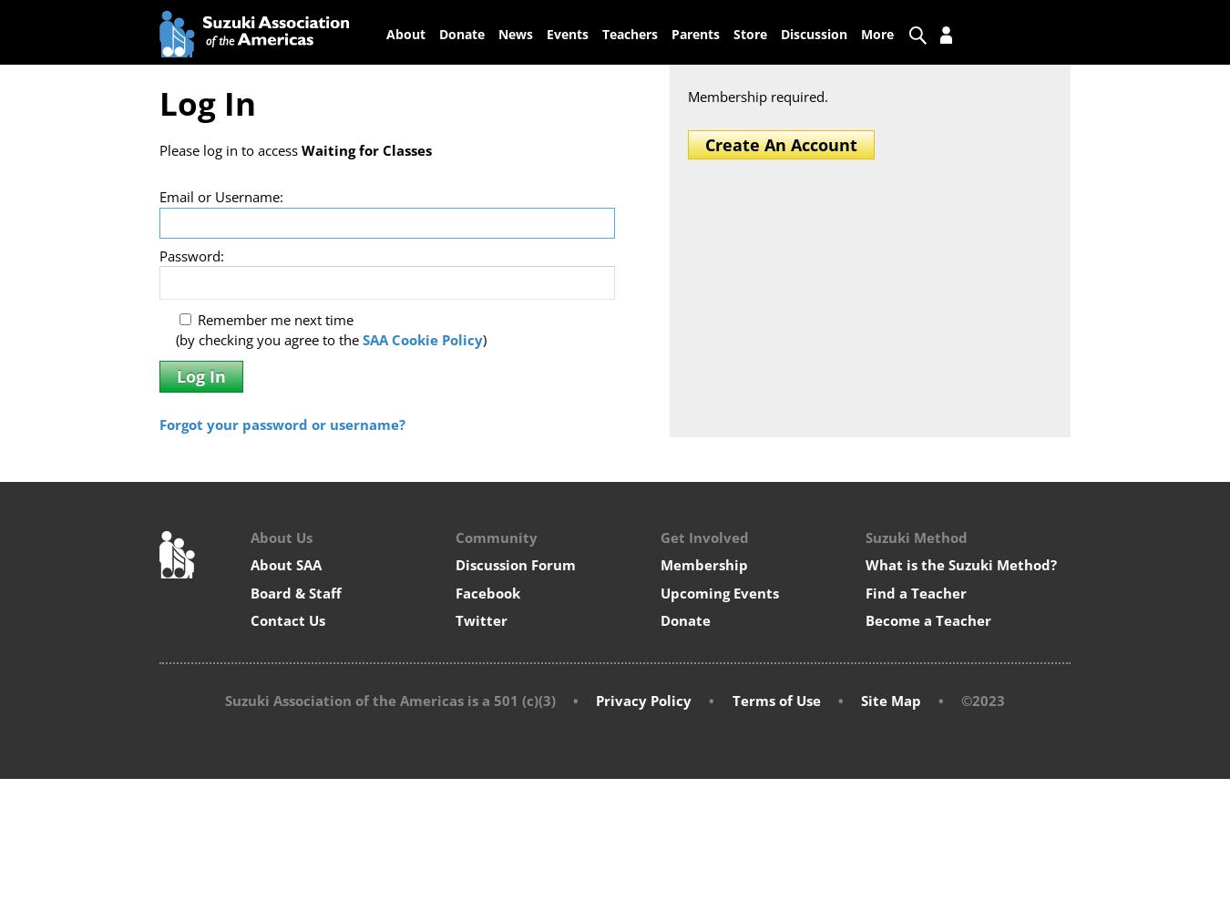 Image resolution: width=1230 pixels, height=911 pixels. What do you see at coordinates (159, 101) in the screenshot?
I see `'Log In'` at bounding box center [159, 101].